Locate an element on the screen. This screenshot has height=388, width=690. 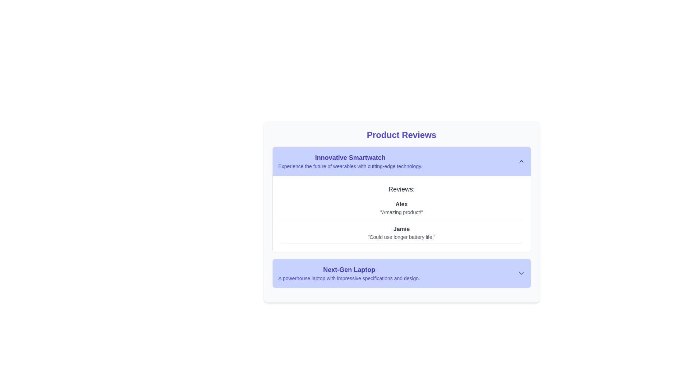
the text block summarizing the 'Next-Gen Laptop' product, located below the 'Innovative Smartwatch' section, to trigger associated actions is located at coordinates (349, 273).